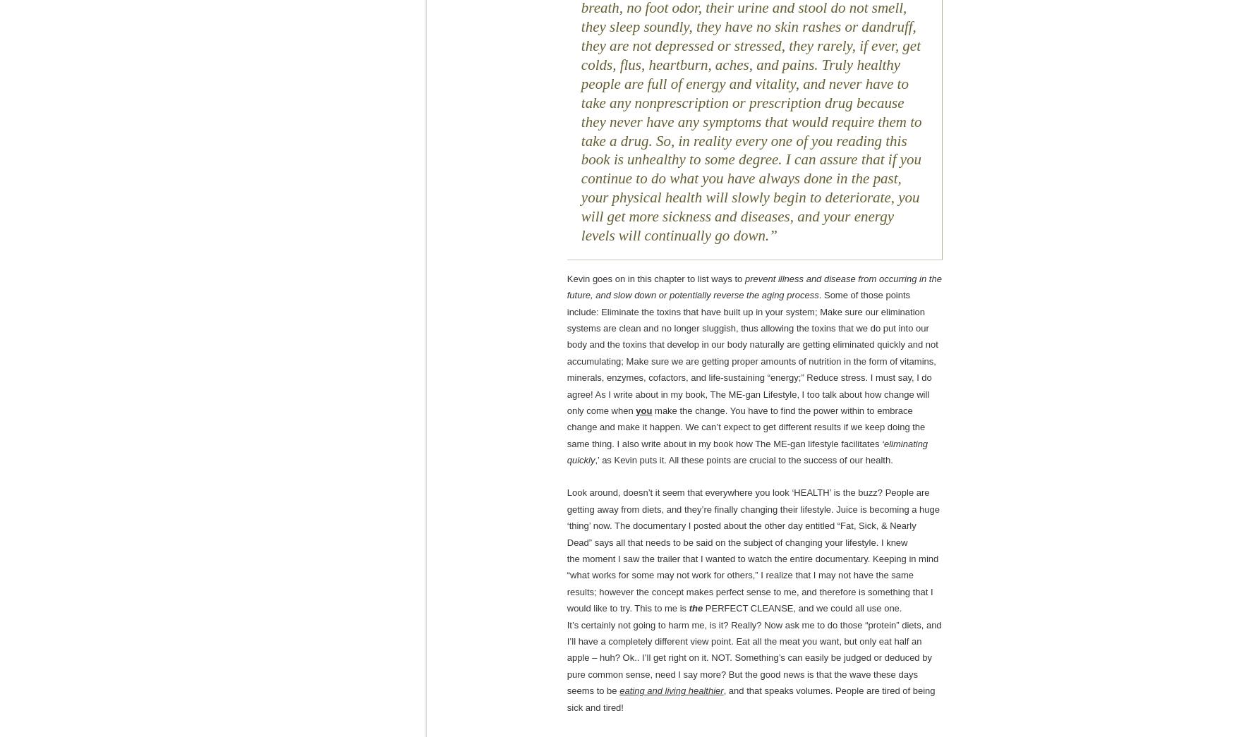  I want to click on 'PERFECT CLEANSE, and we could all use one. It’s certainly not going to harm me, is it? Really? Now ask me to do those “protein” diets, and I’ll have a completely different view point. Eat all the meat you want, but only eat half an apple – huh? Ok.. I’ll get right on it. NOT. Something’s can easily be judged or deduced by pure common sense, need I say more? But the good news is that the wave these days seems to be', so click(754, 649).